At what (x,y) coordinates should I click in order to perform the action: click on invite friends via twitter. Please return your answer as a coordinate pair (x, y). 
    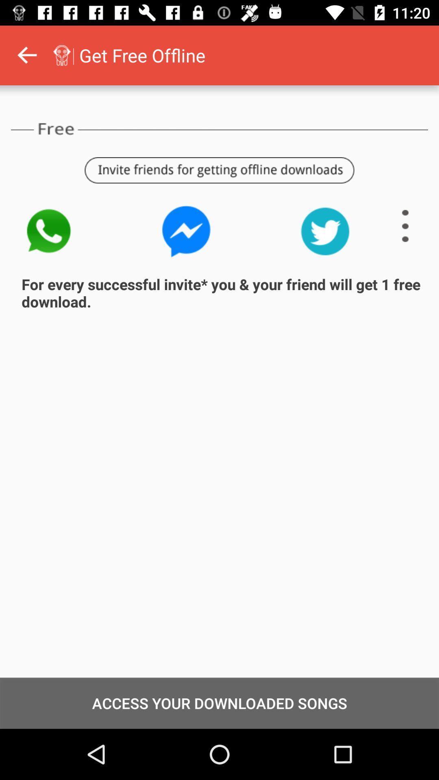
    Looking at the image, I should click on (325, 231).